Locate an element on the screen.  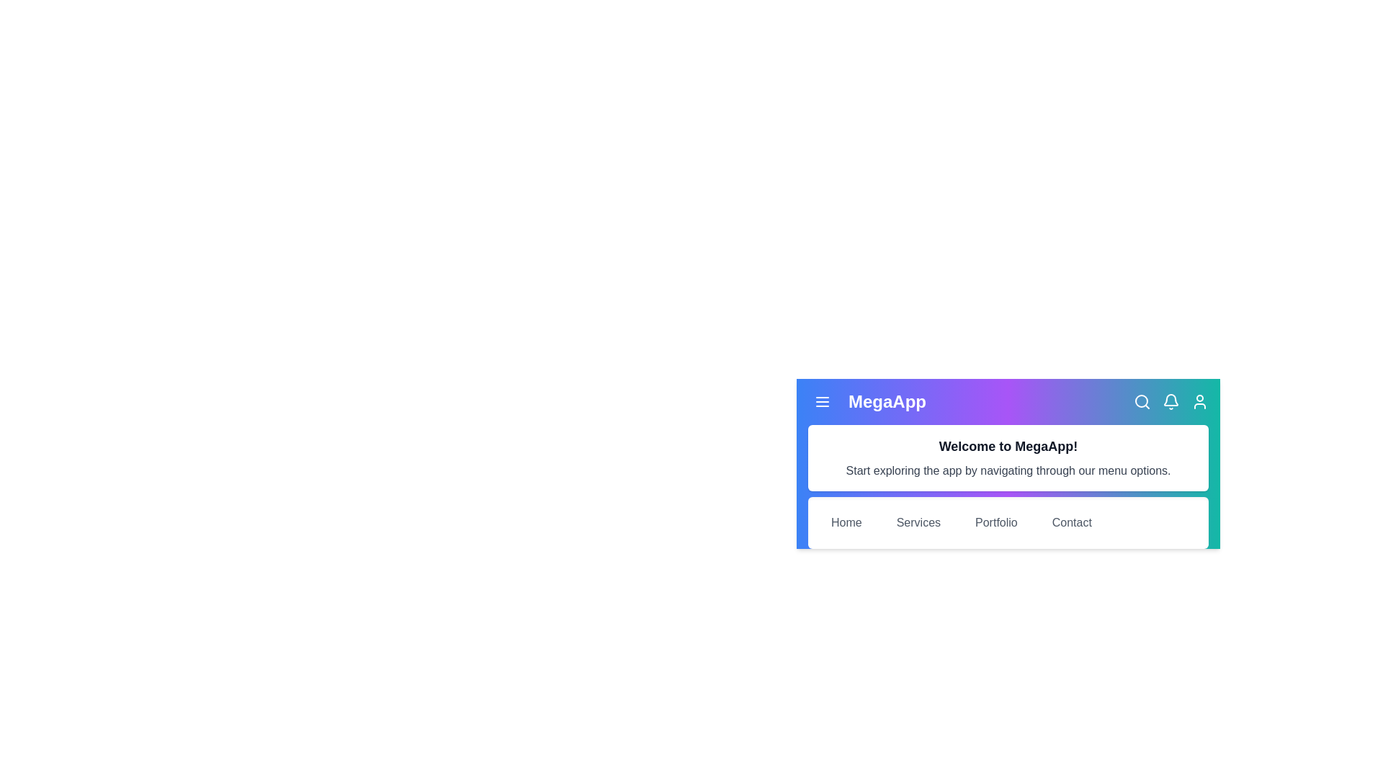
the welcome message text to interact with it is located at coordinates (1008, 446).